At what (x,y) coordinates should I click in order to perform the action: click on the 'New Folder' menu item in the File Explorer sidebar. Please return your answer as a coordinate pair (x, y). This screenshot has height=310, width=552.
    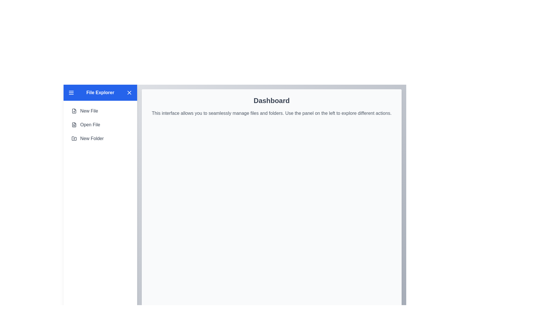
    Looking at the image, I should click on (87, 138).